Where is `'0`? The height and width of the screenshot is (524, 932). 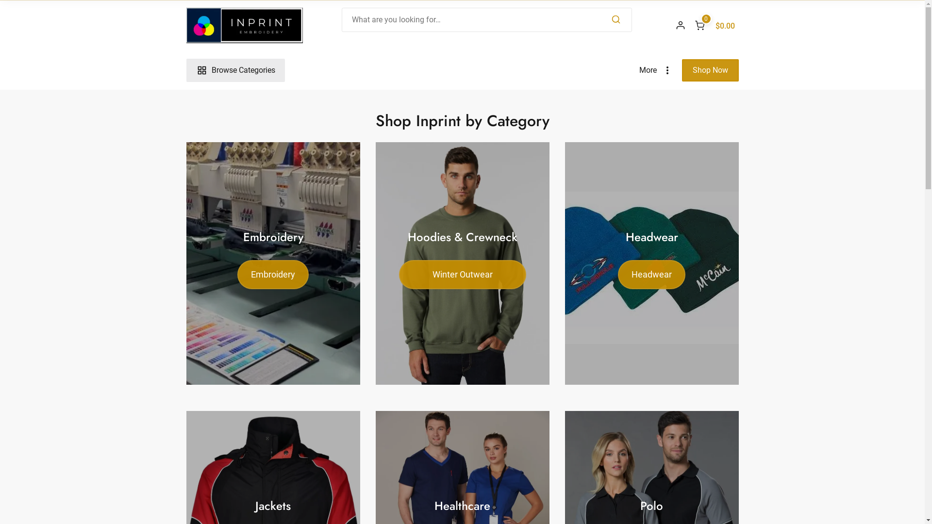 '0 is located at coordinates (715, 24).